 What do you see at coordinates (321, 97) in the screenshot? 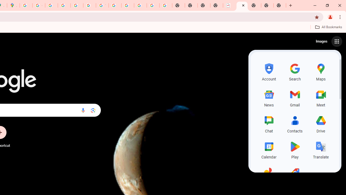
I see `'Meet, row 2 of 5 and column 3 of 3 in the first section'` at bounding box center [321, 97].